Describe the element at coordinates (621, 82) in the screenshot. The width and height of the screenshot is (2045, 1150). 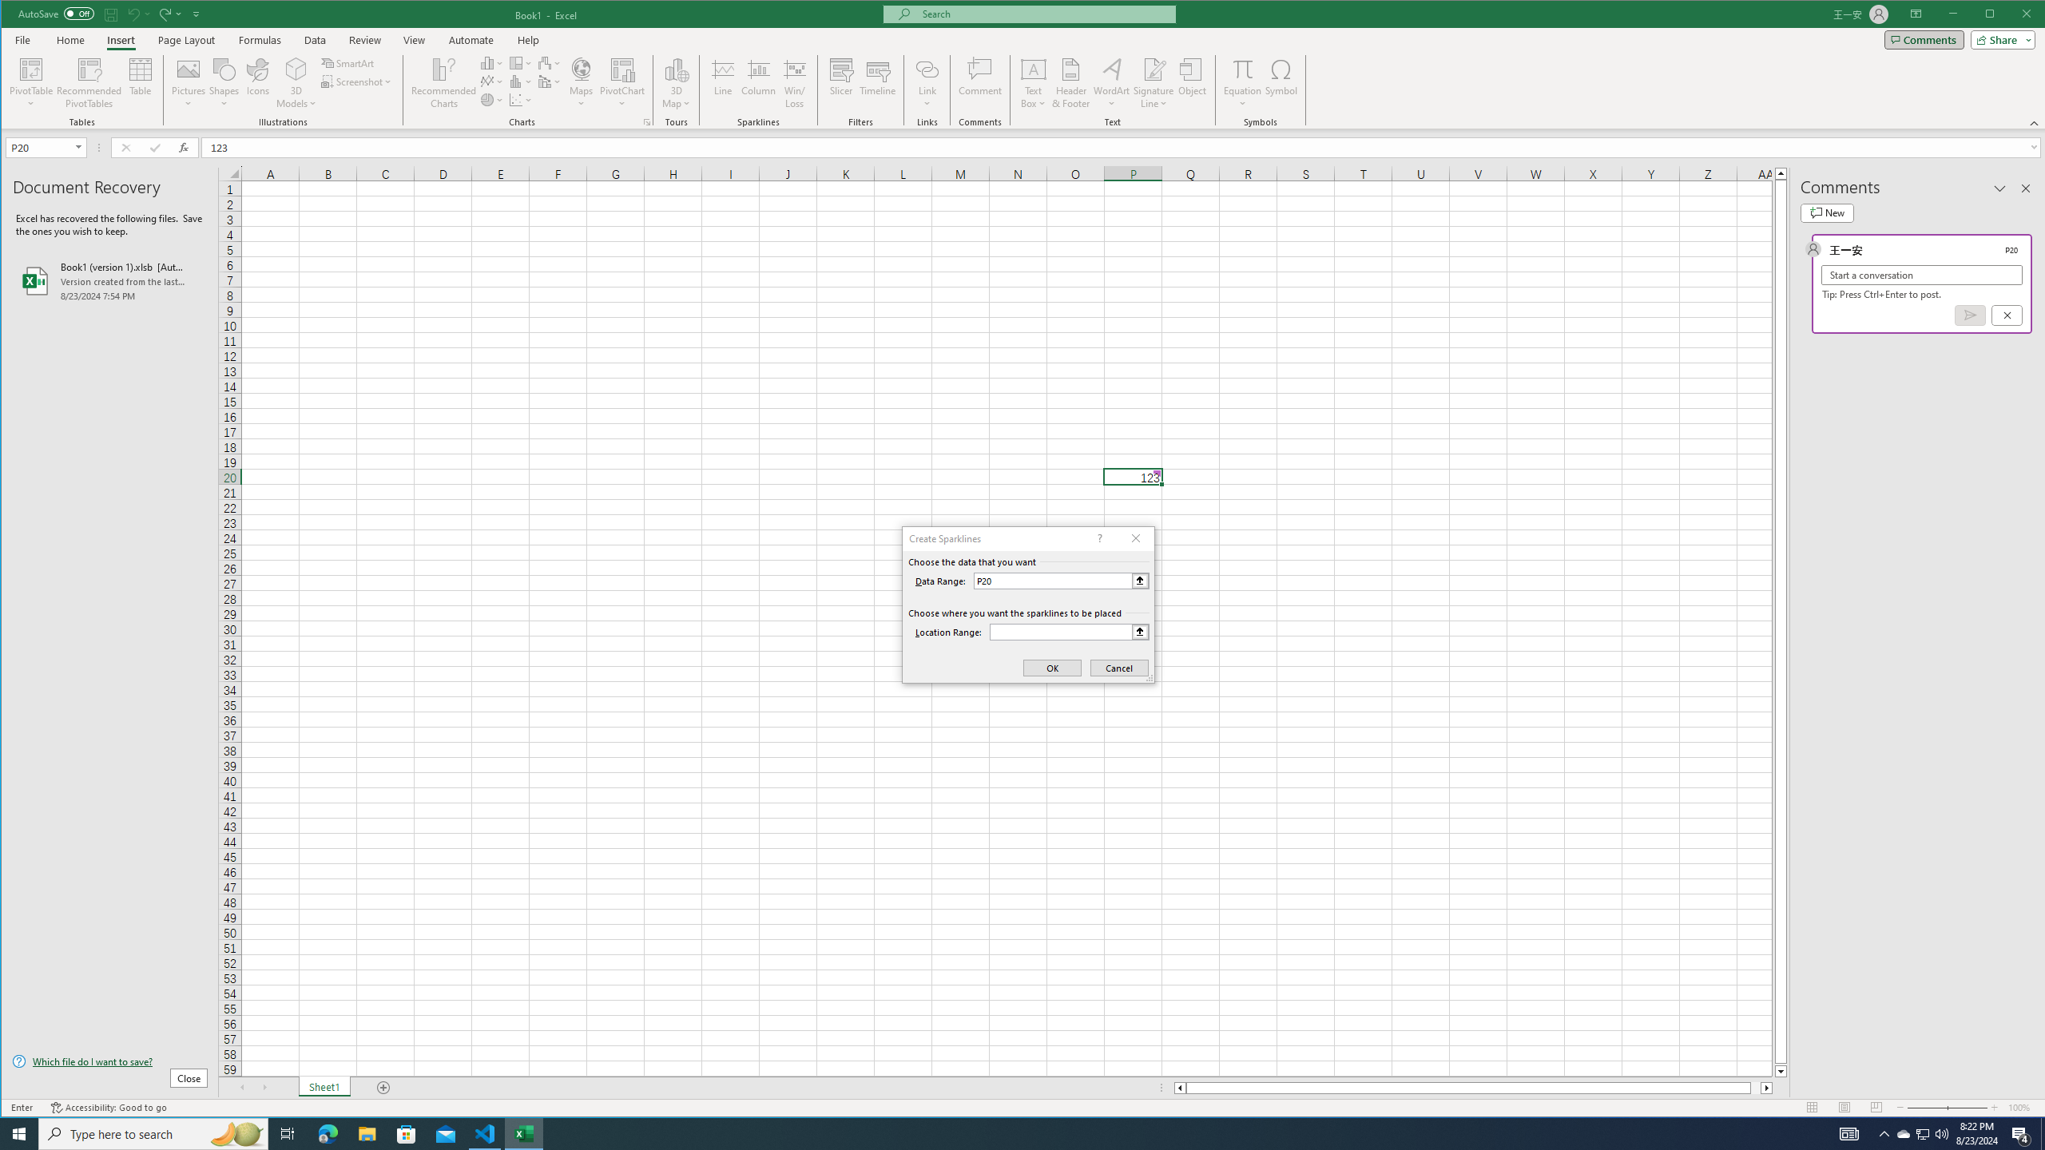
I see `'PivotChart'` at that location.